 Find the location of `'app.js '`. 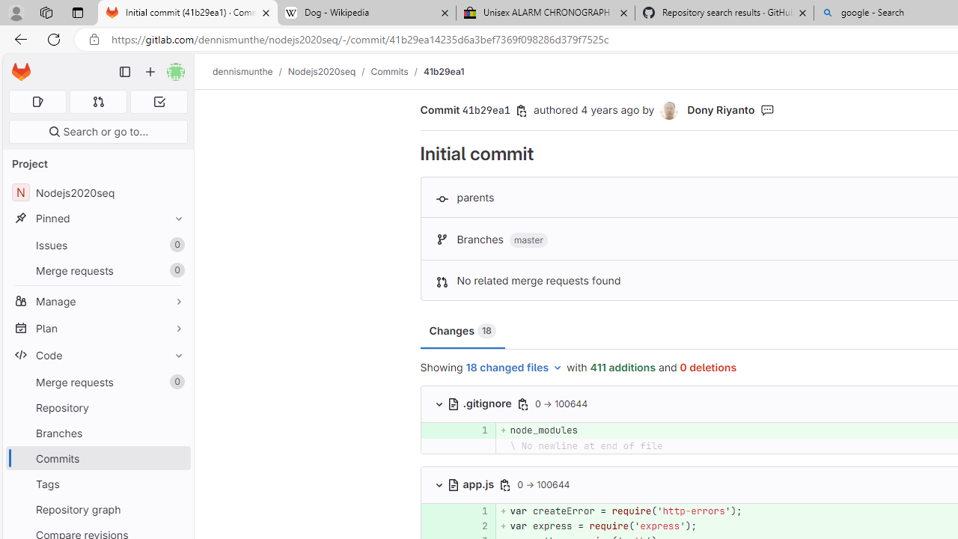

'app.js ' is located at coordinates (472, 484).